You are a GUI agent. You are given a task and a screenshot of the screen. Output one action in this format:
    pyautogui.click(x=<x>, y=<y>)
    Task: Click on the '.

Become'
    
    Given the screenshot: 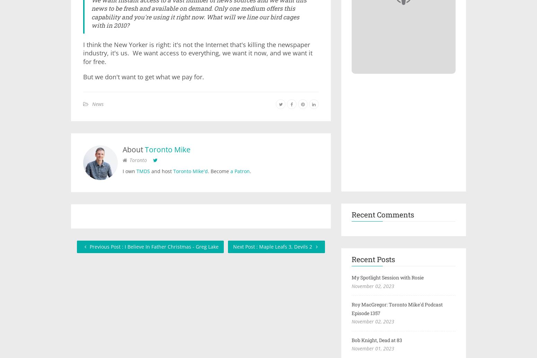 What is the action you would take?
    pyautogui.click(x=219, y=170)
    